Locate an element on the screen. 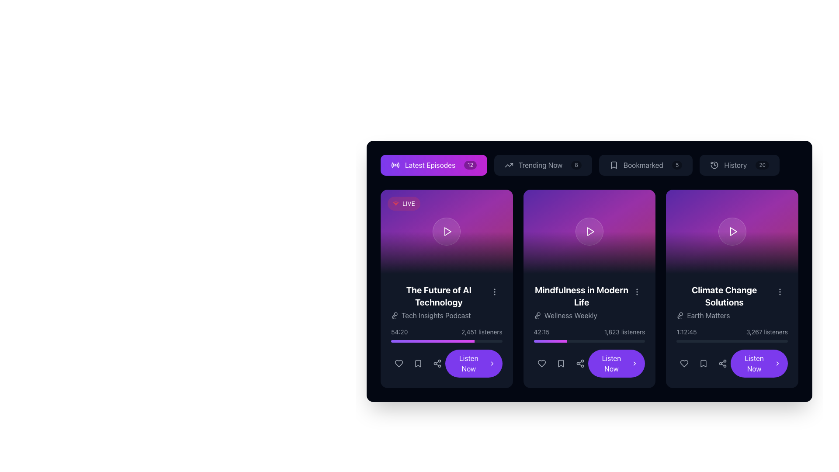 The width and height of the screenshot is (839, 472). the circular button with a bookmark icon, which is the second button in a row of three buttons under the 'Mindfulness in Modern Life' card, to bookmark the content is located at coordinates (561, 364).